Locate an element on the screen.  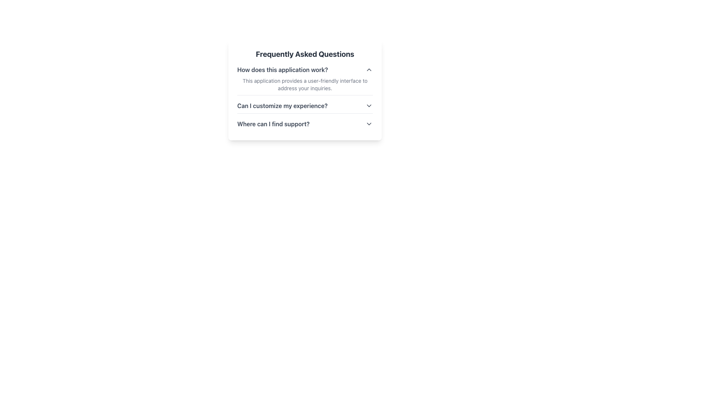
the interactive text 'Where can I find support?' located in the FAQ section is located at coordinates (305, 125).